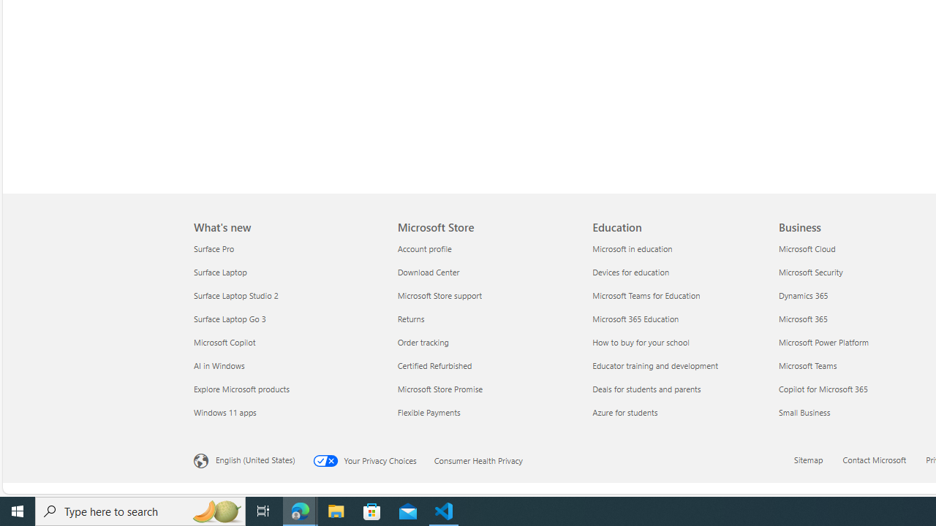 The width and height of the screenshot is (936, 526). What do you see at coordinates (804, 411) in the screenshot?
I see `'Small Business Business'` at bounding box center [804, 411].